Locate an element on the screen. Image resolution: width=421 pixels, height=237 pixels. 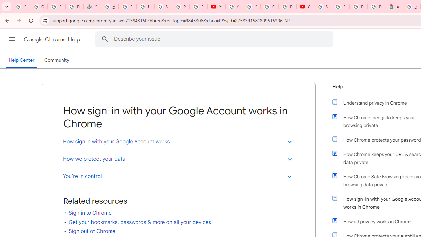
'Search Help Center' is located at coordinates (104, 39).